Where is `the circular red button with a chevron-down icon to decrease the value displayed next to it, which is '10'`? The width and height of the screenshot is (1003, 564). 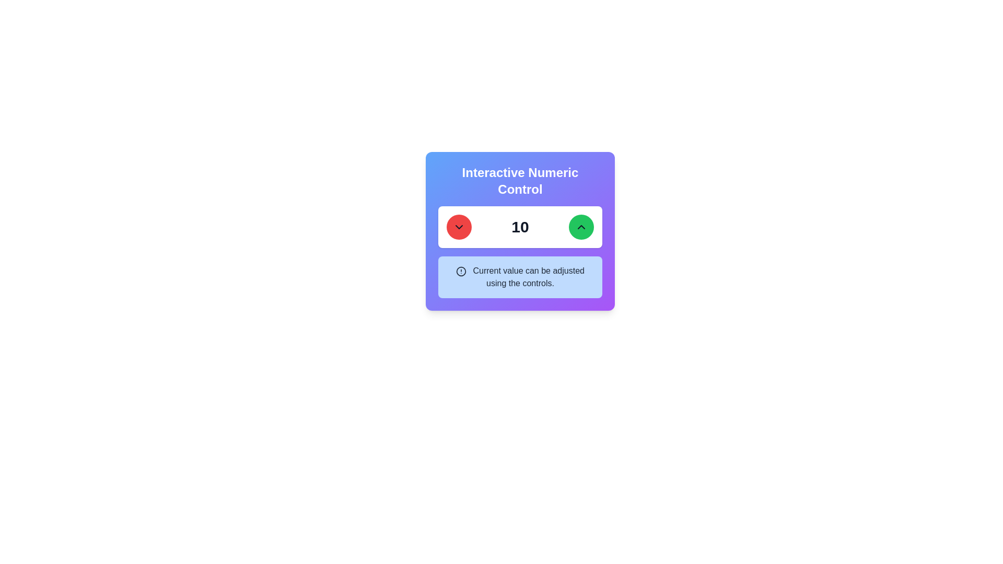
the circular red button with a chevron-down icon to decrease the value displayed next to it, which is '10' is located at coordinates (459, 227).